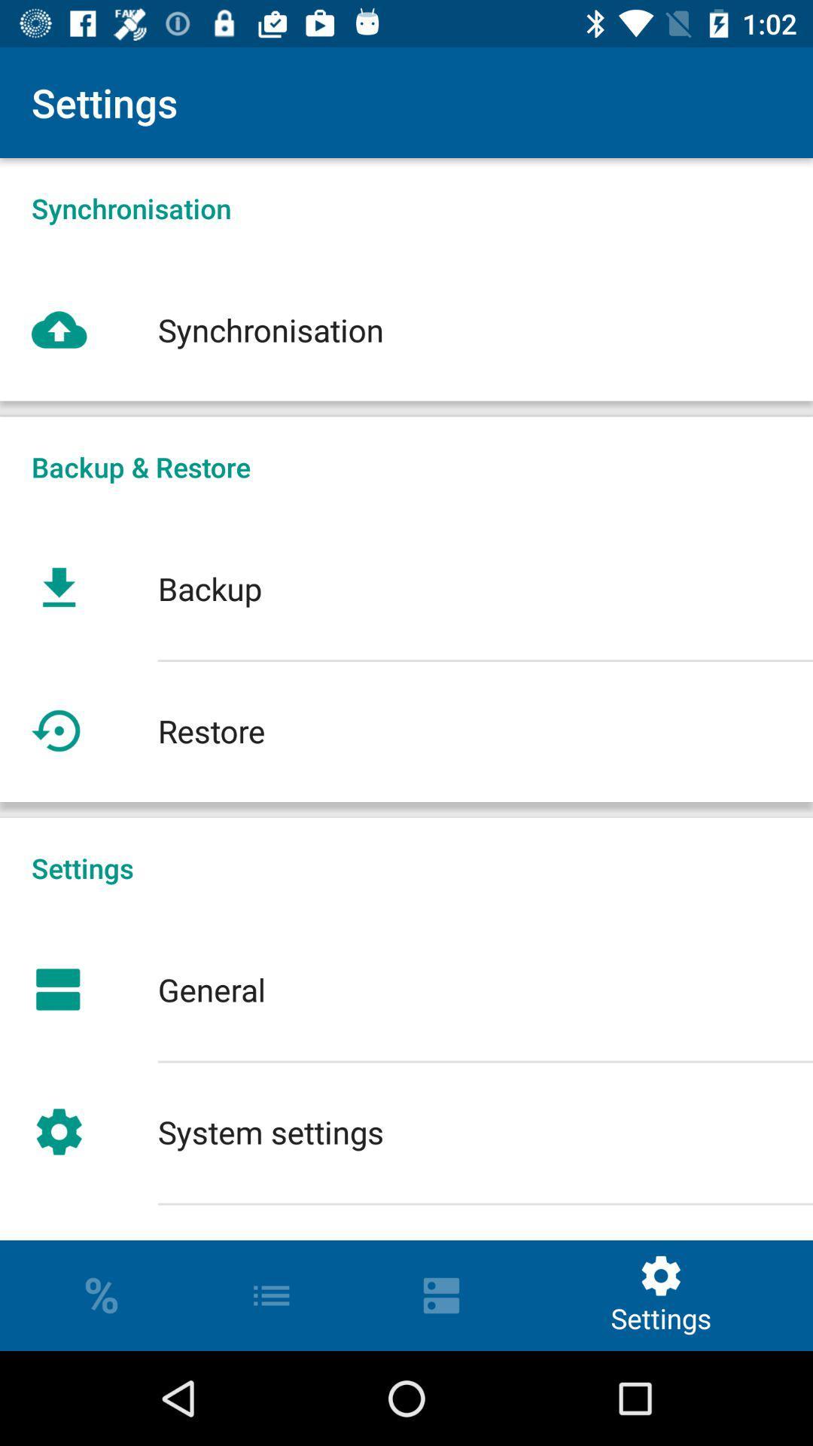 Image resolution: width=813 pixels, height=1446 pixels. Describe the element at coordinates (406, 1222) in the screenshot. I see `icon below system settings icon` at that location.